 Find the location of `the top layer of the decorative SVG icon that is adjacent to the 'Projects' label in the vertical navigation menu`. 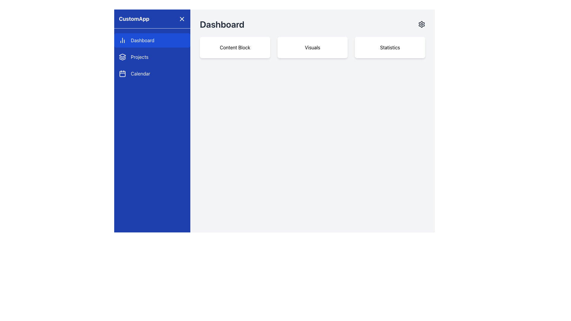

the top layer of the decorative SVG icon that is adjacent to the 'Projects' label in the vertical navigation menu is located at coordinates (122, 55).